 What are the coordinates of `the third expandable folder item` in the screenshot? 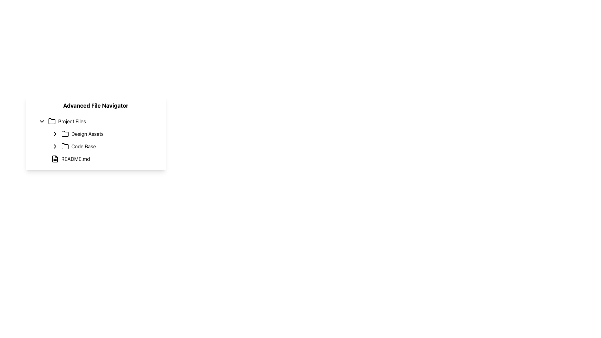 It's located at (105, 146).